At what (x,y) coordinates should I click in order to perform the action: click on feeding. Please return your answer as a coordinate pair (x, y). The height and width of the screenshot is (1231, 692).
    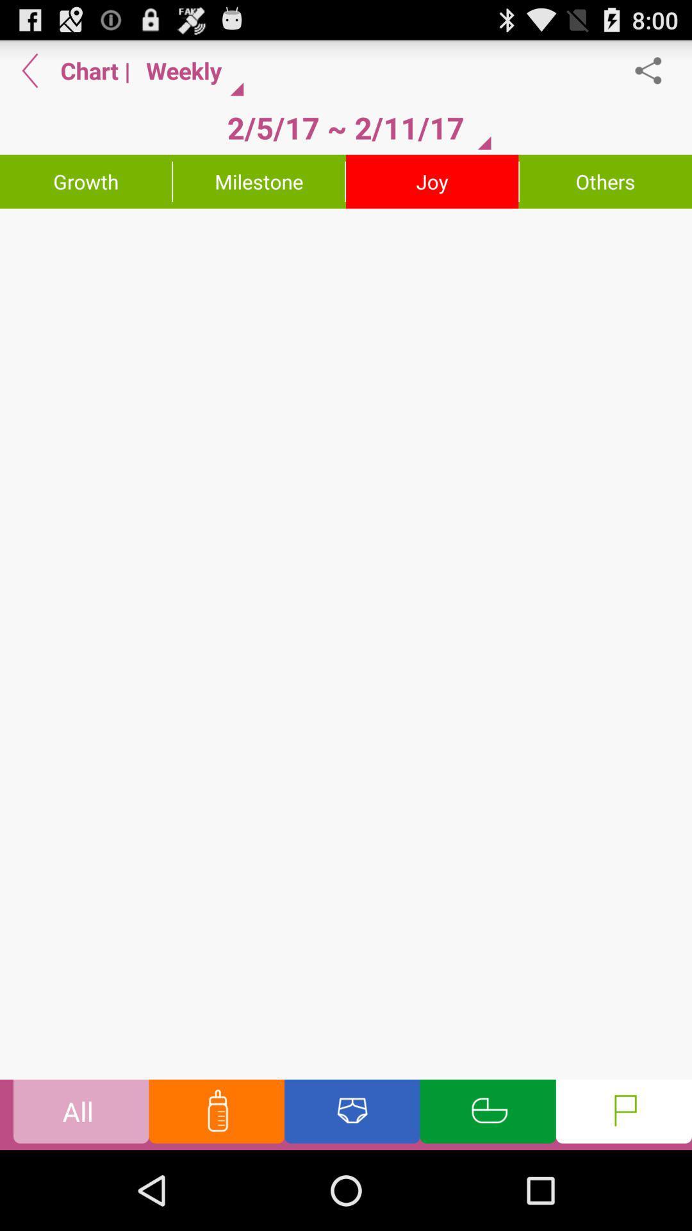
    Looking at the image, I should click on (216, 1114).